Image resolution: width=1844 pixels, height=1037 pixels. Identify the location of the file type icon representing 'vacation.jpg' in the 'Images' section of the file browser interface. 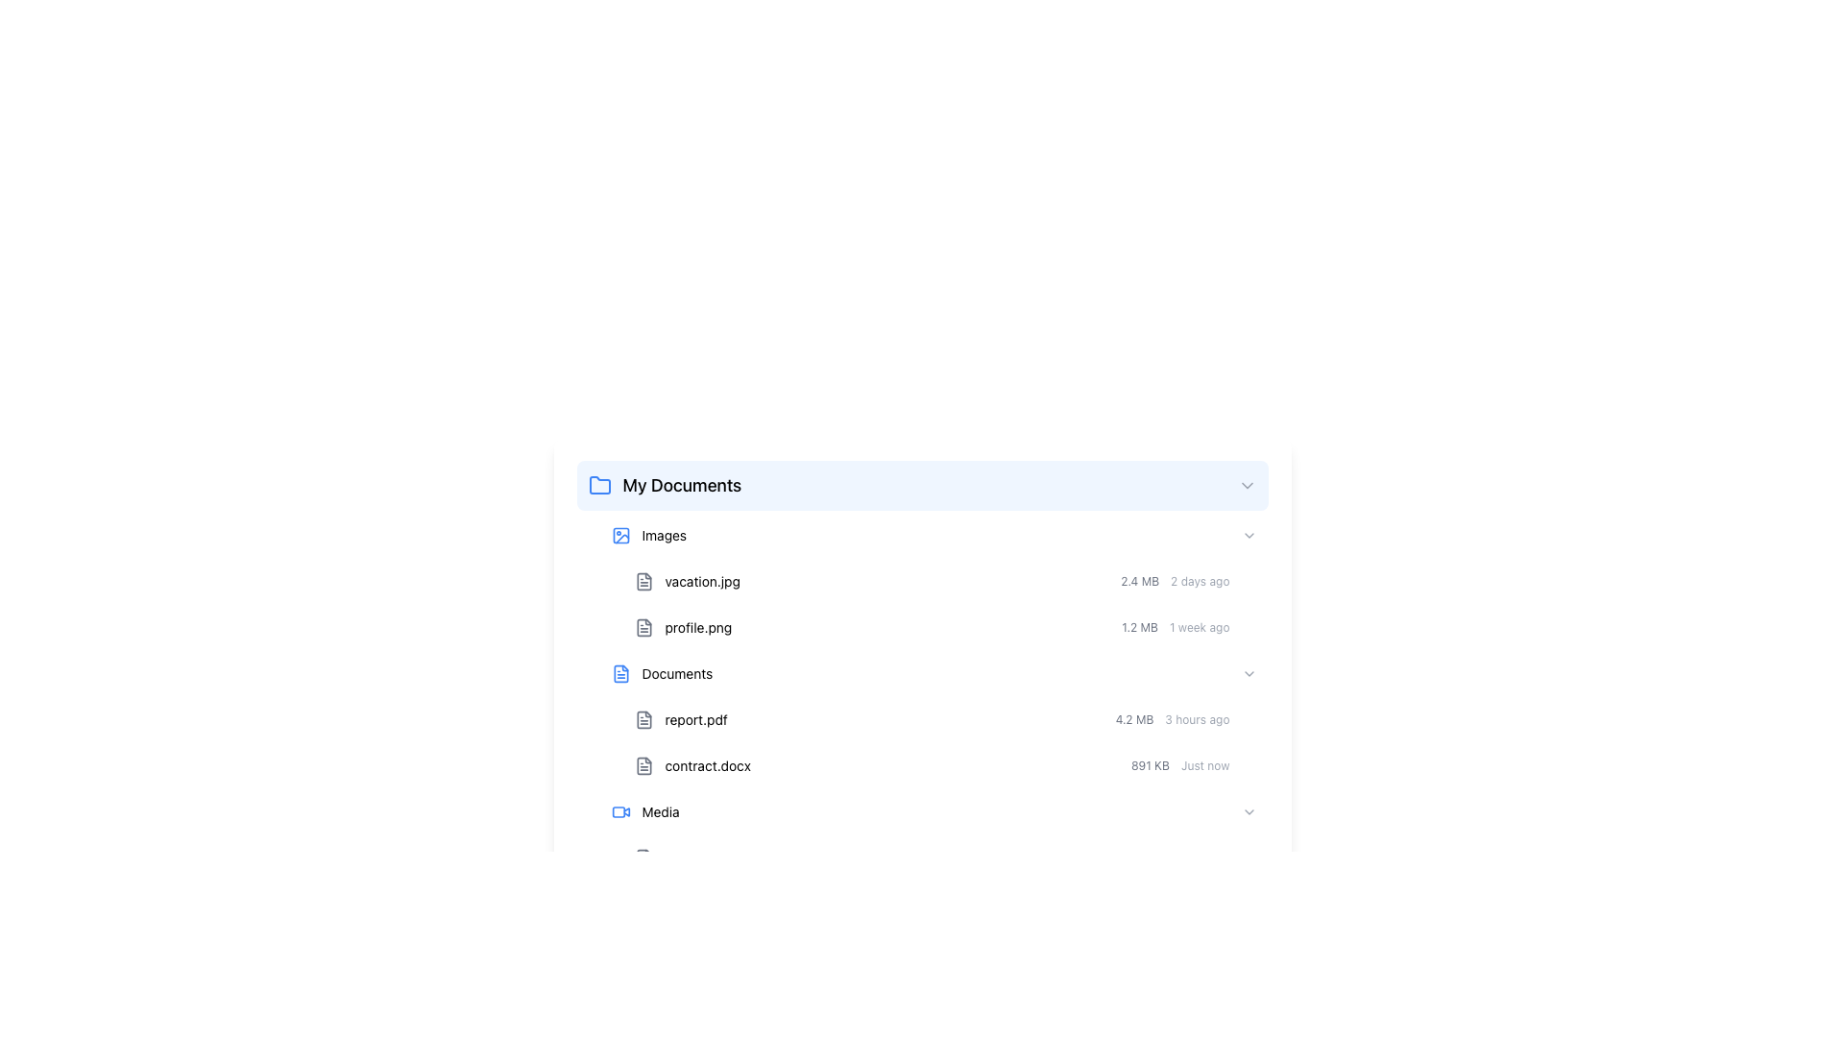
(643, 580).